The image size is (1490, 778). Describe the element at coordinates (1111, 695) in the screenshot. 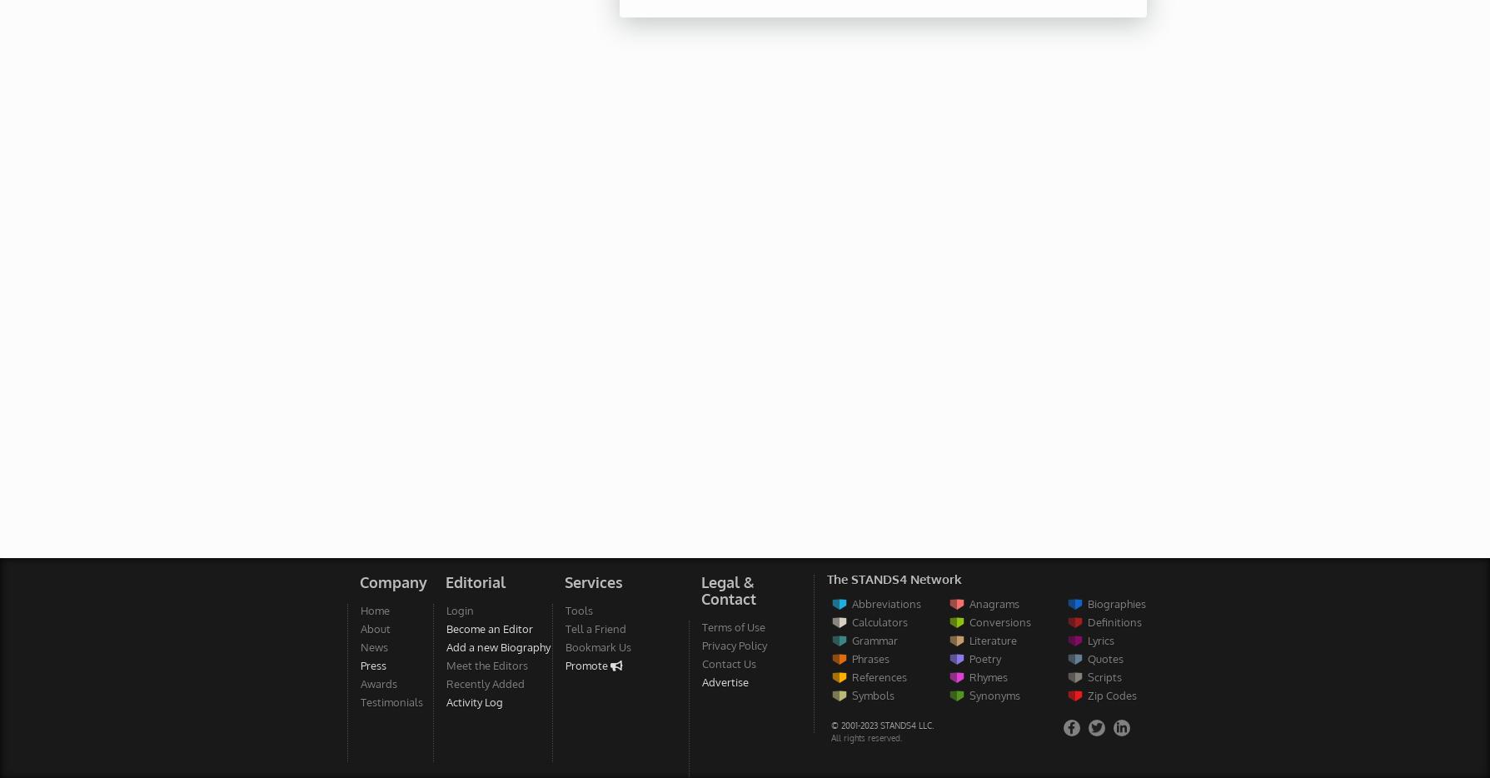

I see `'Zip Codes'` at that location.